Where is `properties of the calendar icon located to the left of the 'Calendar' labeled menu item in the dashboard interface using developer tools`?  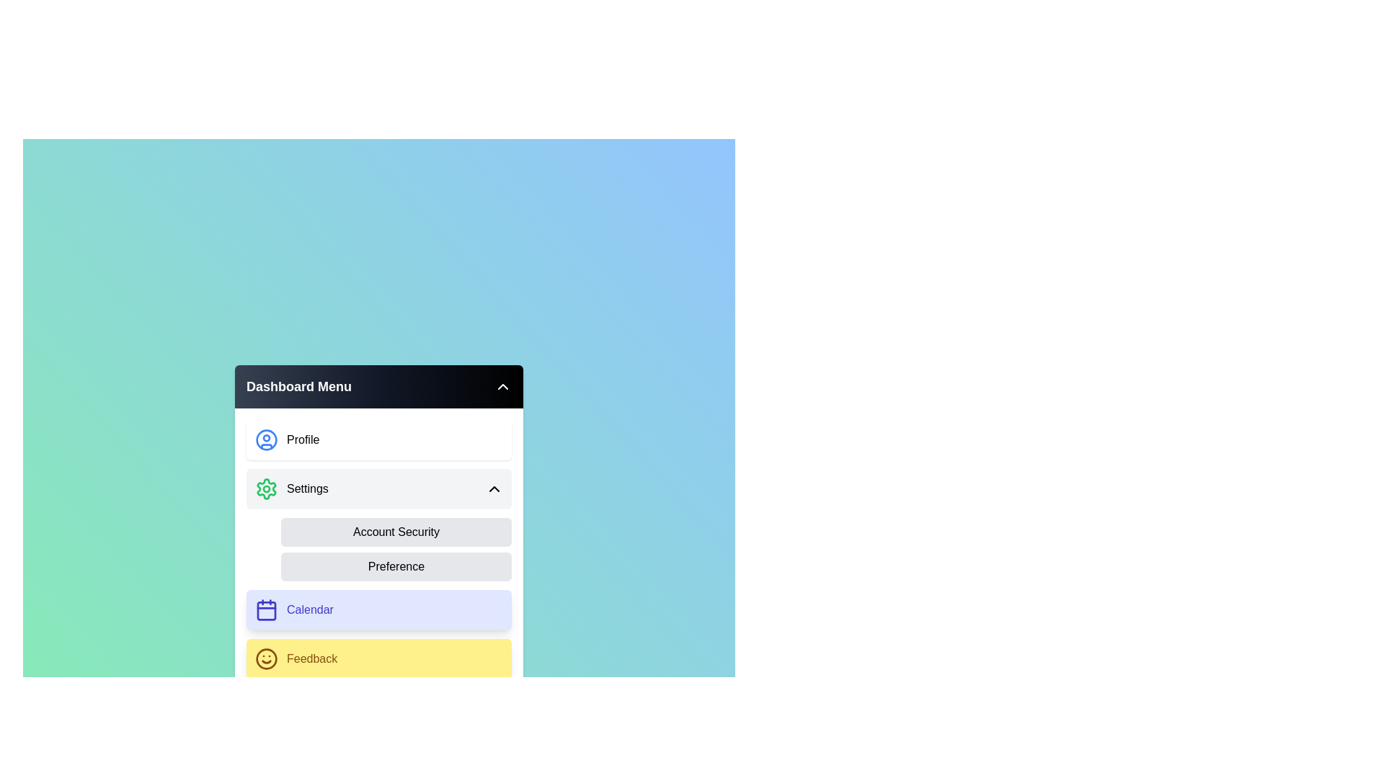 properties of the calendar icon located to the left of the 'Calendar' labeled menu item in the dashboard interface using developer tools is located at coordinates (266, 610).